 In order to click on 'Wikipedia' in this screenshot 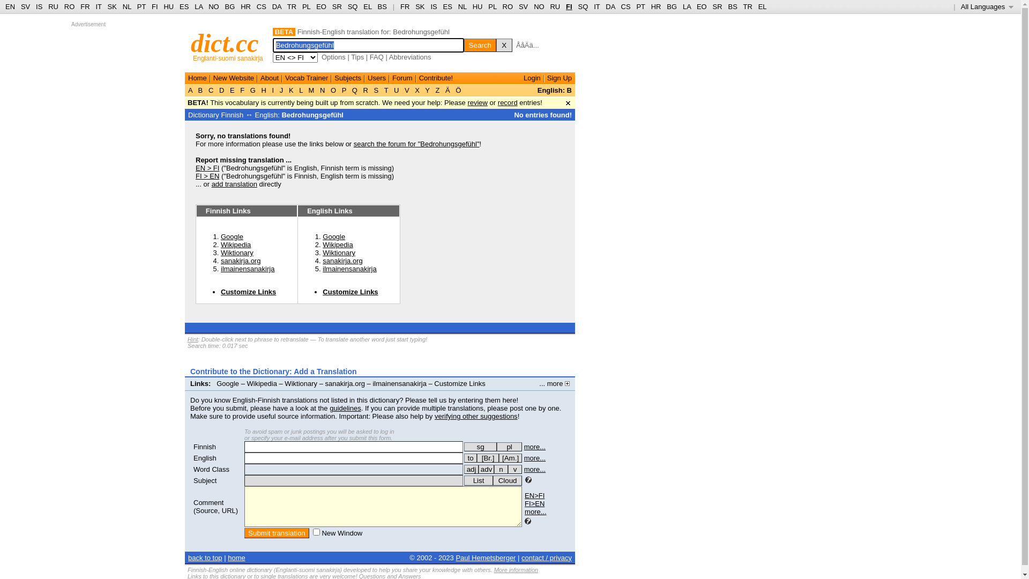, I will do `click(337, 244)`.